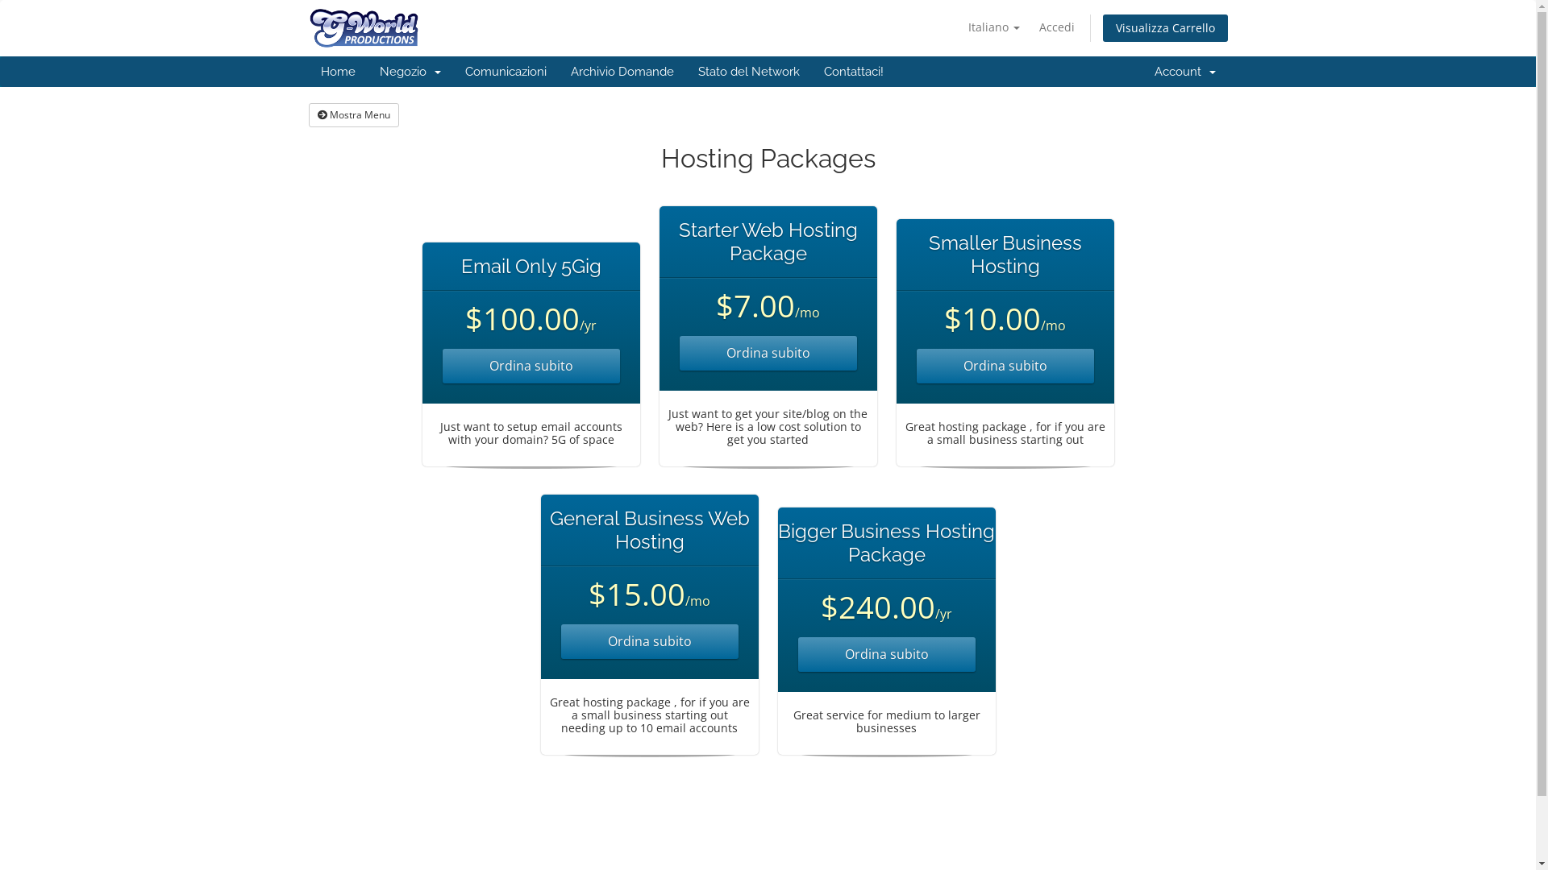  Describe the element at coordinates (1184, 70) in the screenshot. I see `'Account  '` at that location.